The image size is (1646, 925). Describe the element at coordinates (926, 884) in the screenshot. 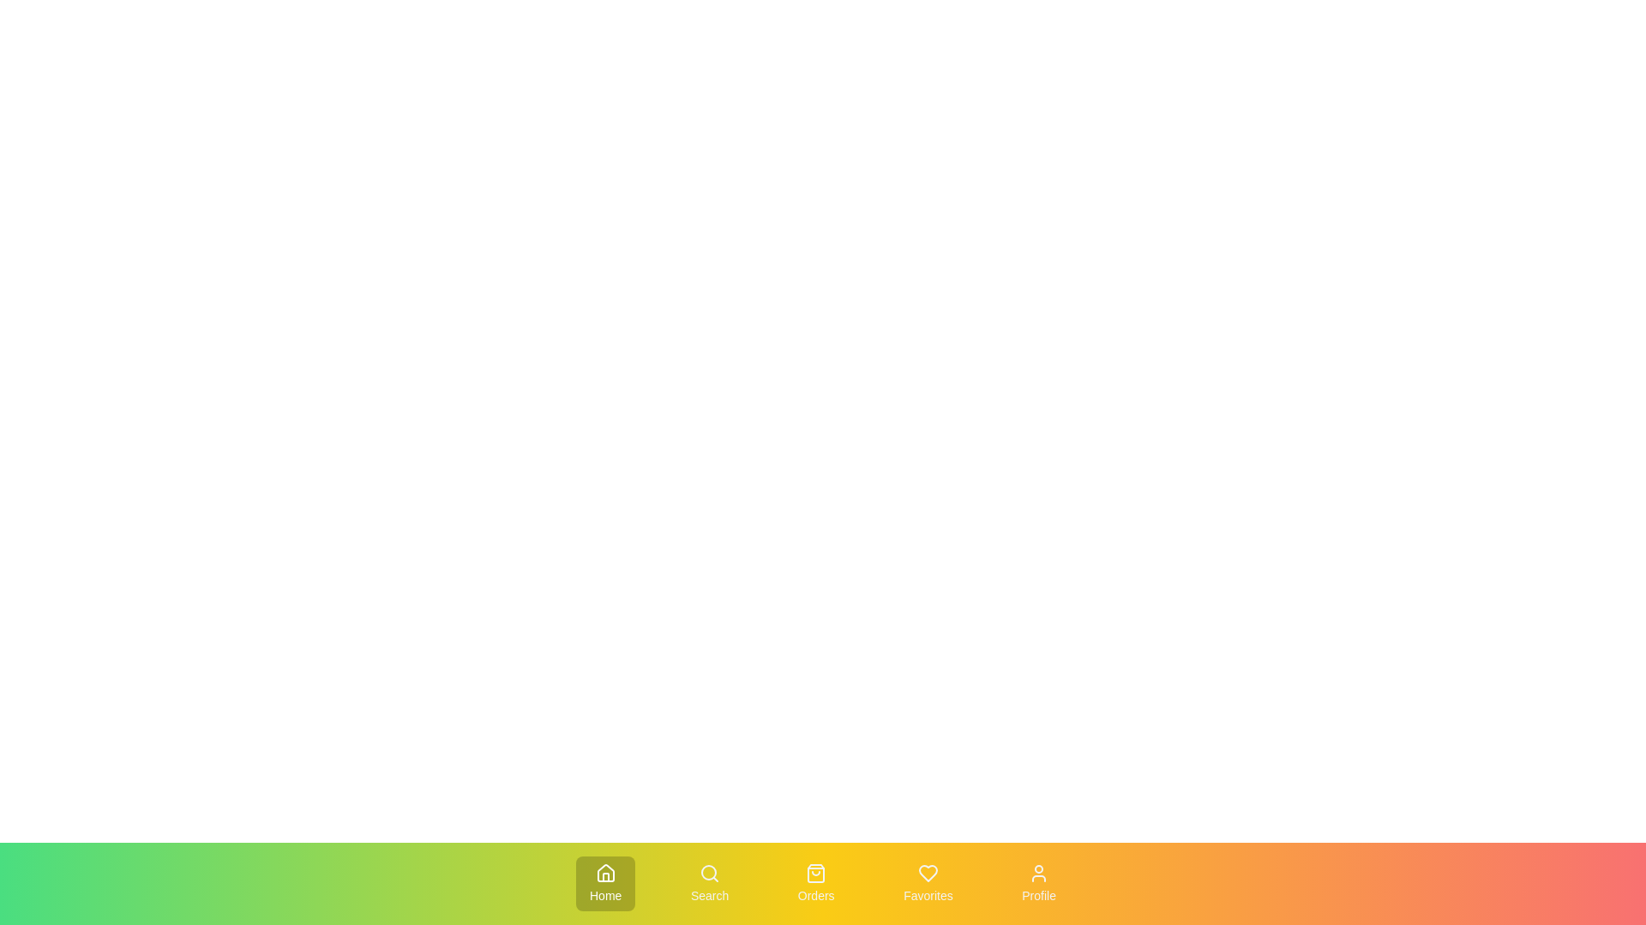

I see `the Favorites tab to activate it` at that location.